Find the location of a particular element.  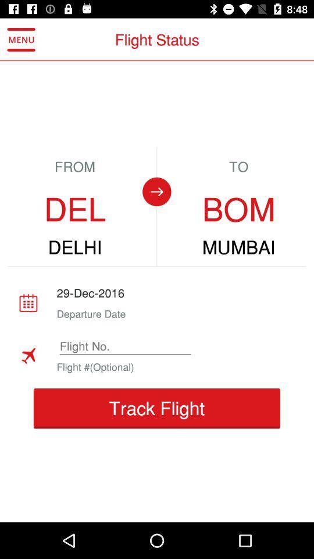

bom icon is located at coordinates (238, 210).